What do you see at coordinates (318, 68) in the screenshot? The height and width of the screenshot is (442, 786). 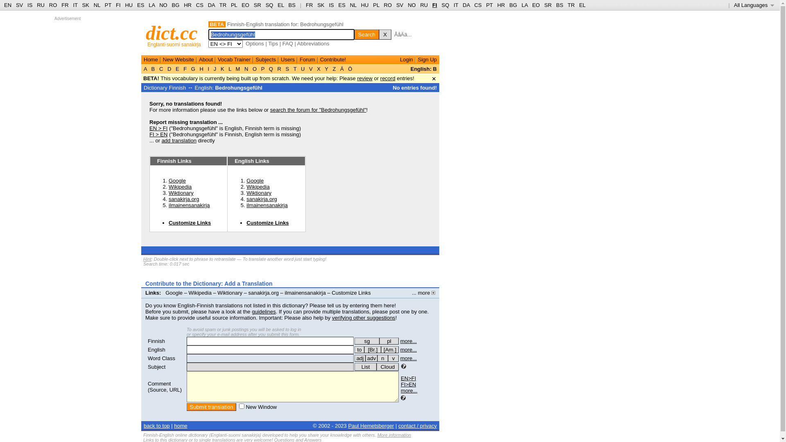 I see `'X'` at bounding box center [318, 68].